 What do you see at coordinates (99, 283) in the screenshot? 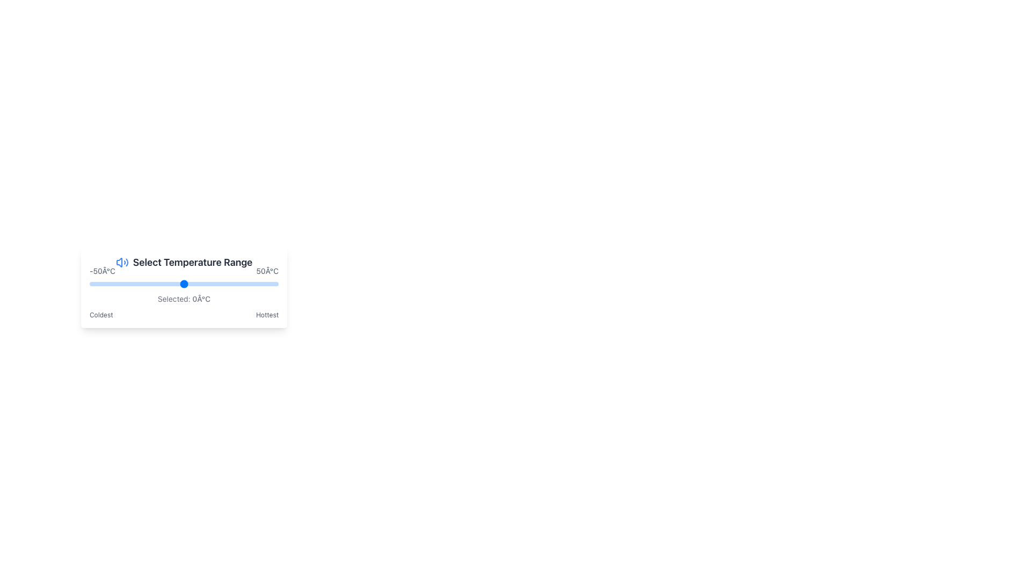
I see `the temperature range` at bounding box center [99, 283].